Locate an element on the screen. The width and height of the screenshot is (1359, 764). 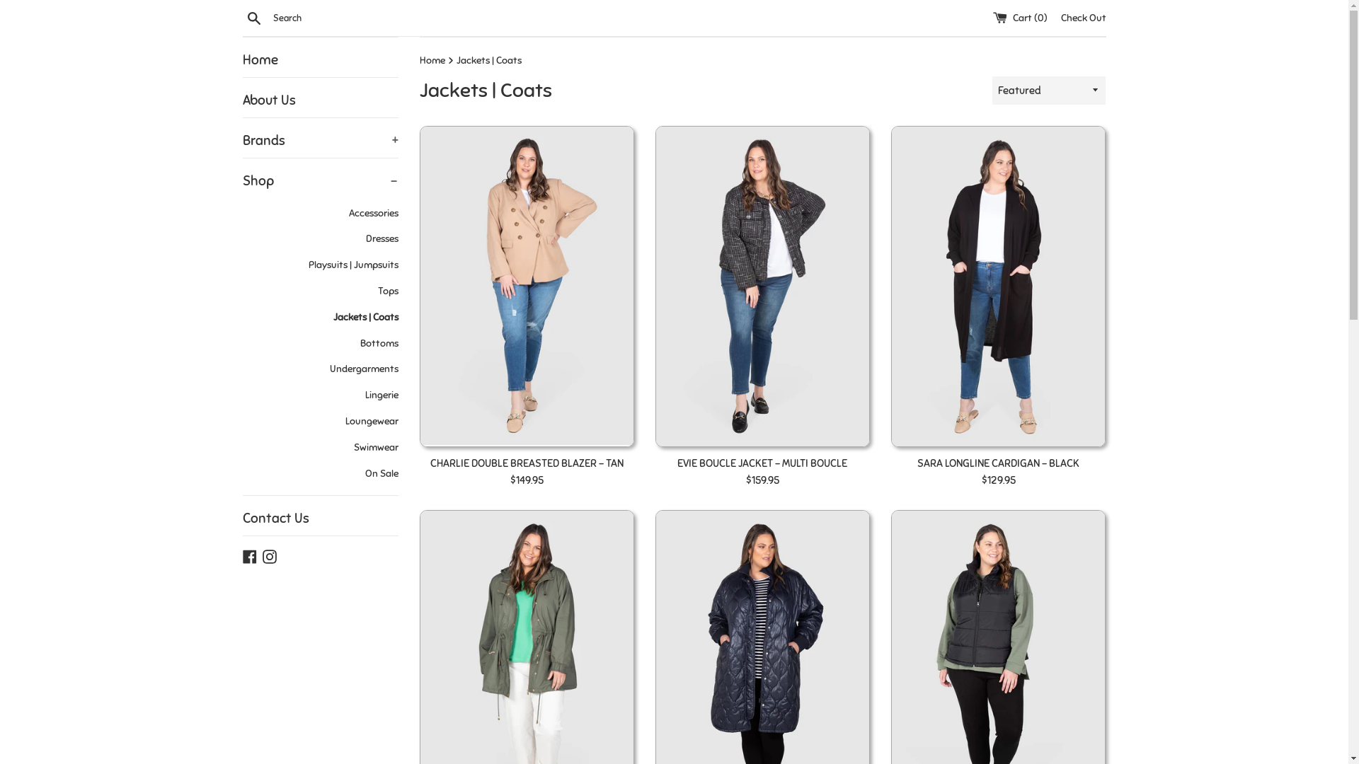
'Shop is located at coordinates (319, 180).